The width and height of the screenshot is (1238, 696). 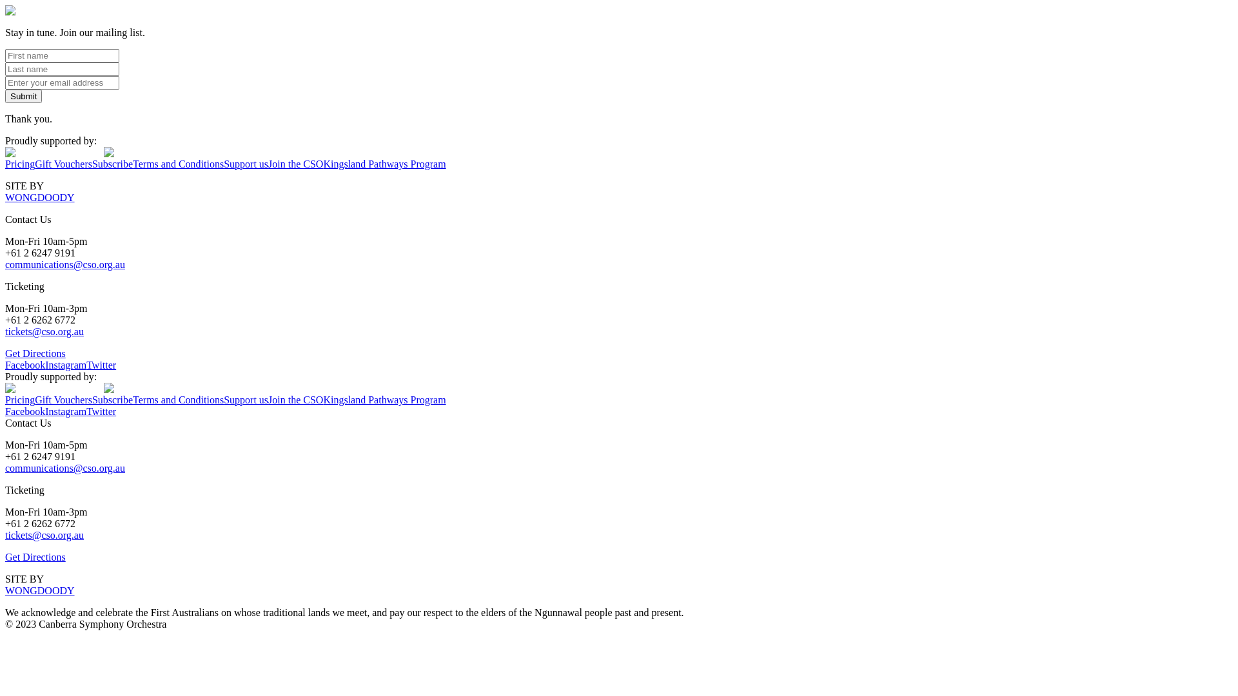 What do you see at coordinates (40, 197) in the screenshot?
I see `'WONGDOODY'` at bounding box center [40, 197].